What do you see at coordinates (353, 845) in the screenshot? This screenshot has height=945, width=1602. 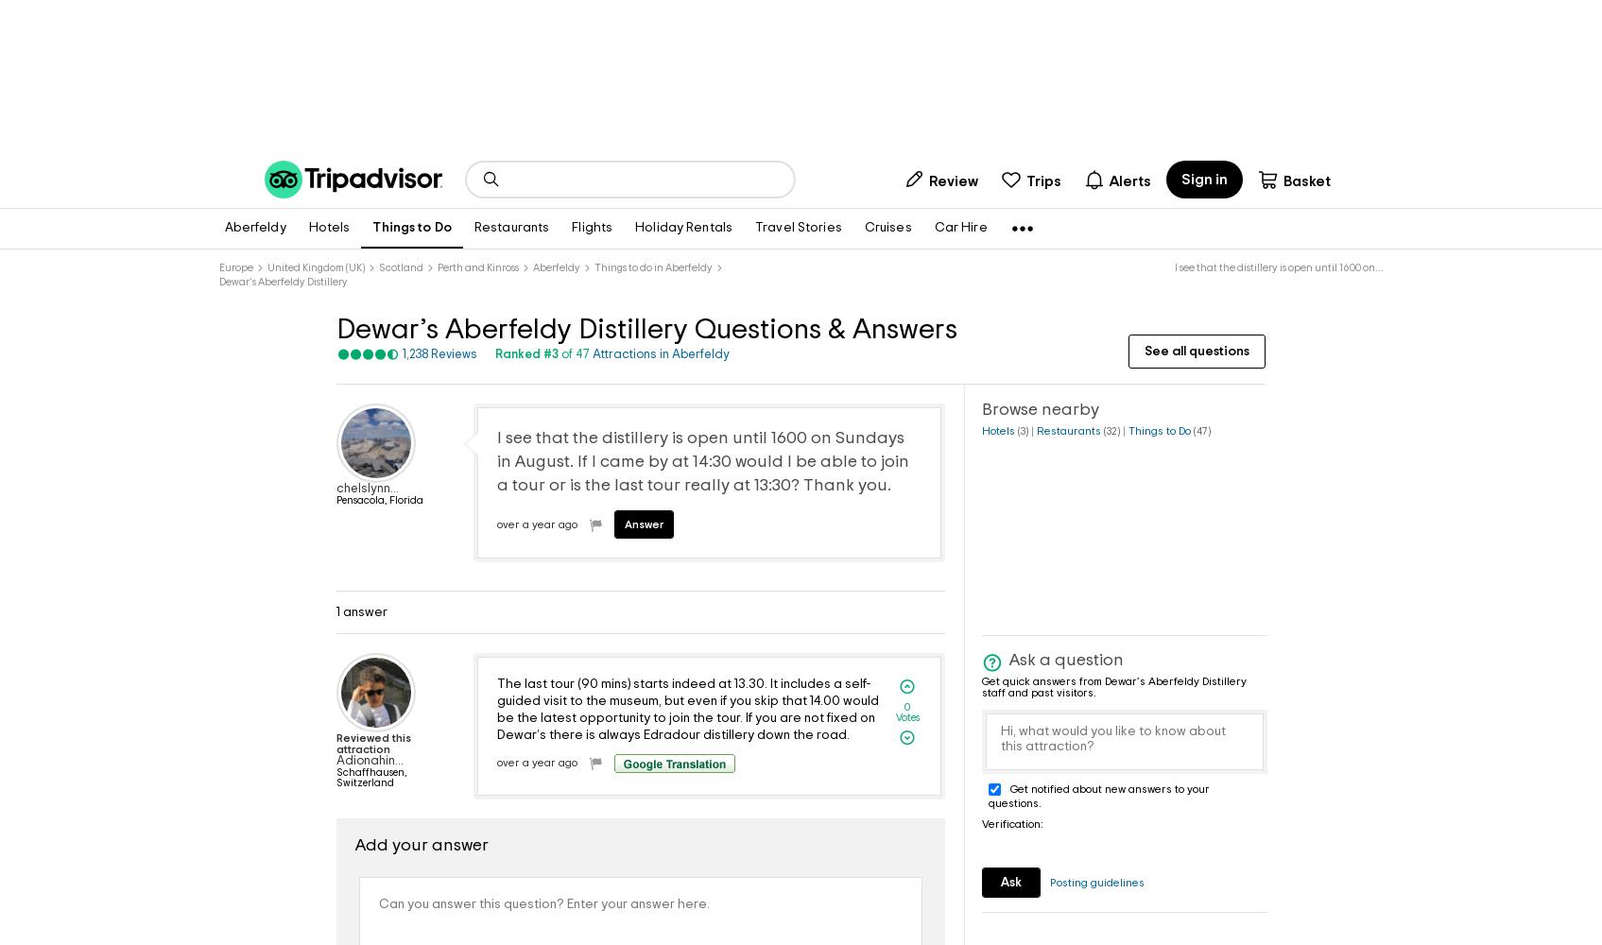 I see `'Add your answer'` at bounding box center [353, 845].